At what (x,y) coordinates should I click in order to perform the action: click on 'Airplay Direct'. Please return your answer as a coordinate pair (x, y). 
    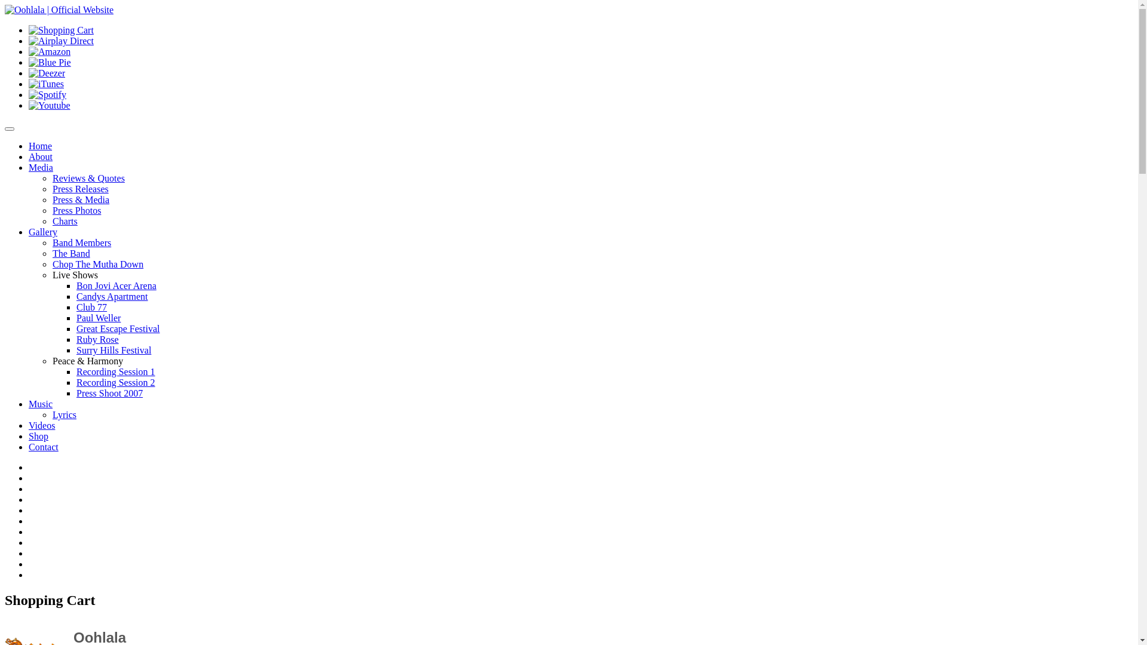
    Looking at the image, I should click on (60, 40).